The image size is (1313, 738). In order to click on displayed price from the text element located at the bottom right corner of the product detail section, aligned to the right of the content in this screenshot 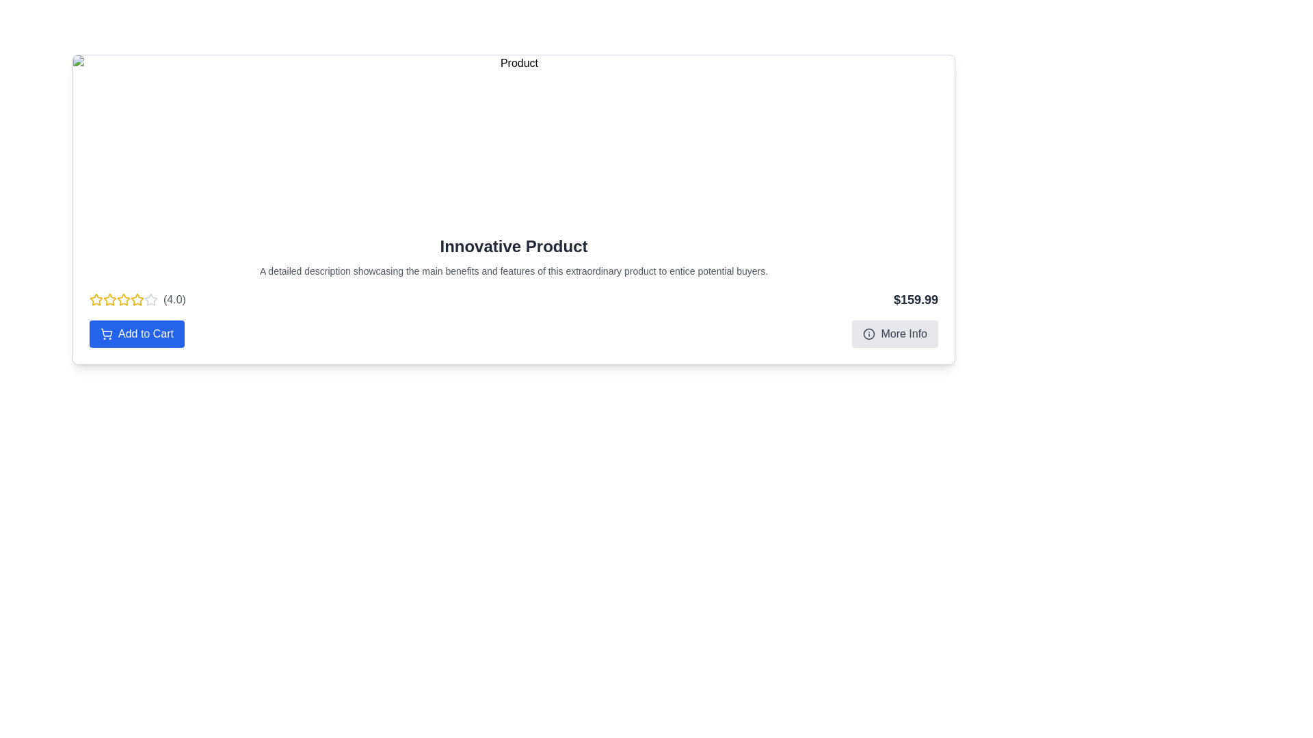, I will do `click(916, 299)`.